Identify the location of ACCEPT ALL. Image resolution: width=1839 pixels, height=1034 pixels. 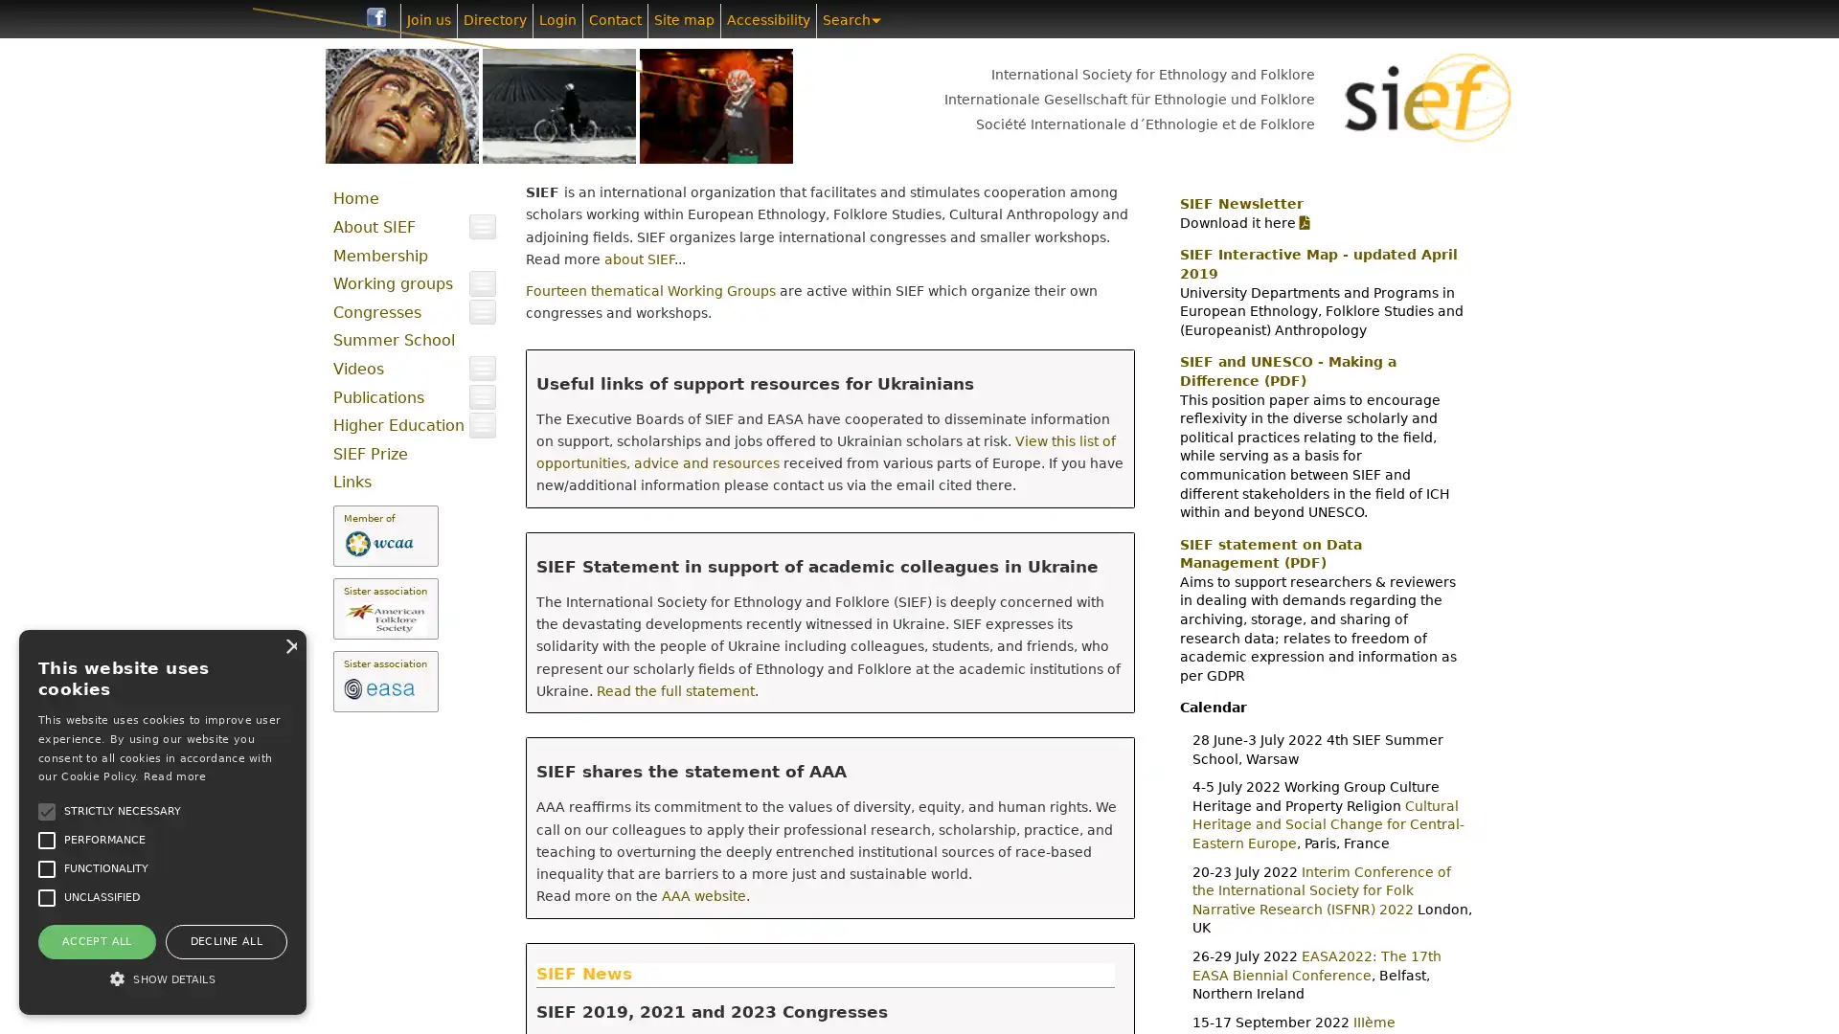
(95, 940).